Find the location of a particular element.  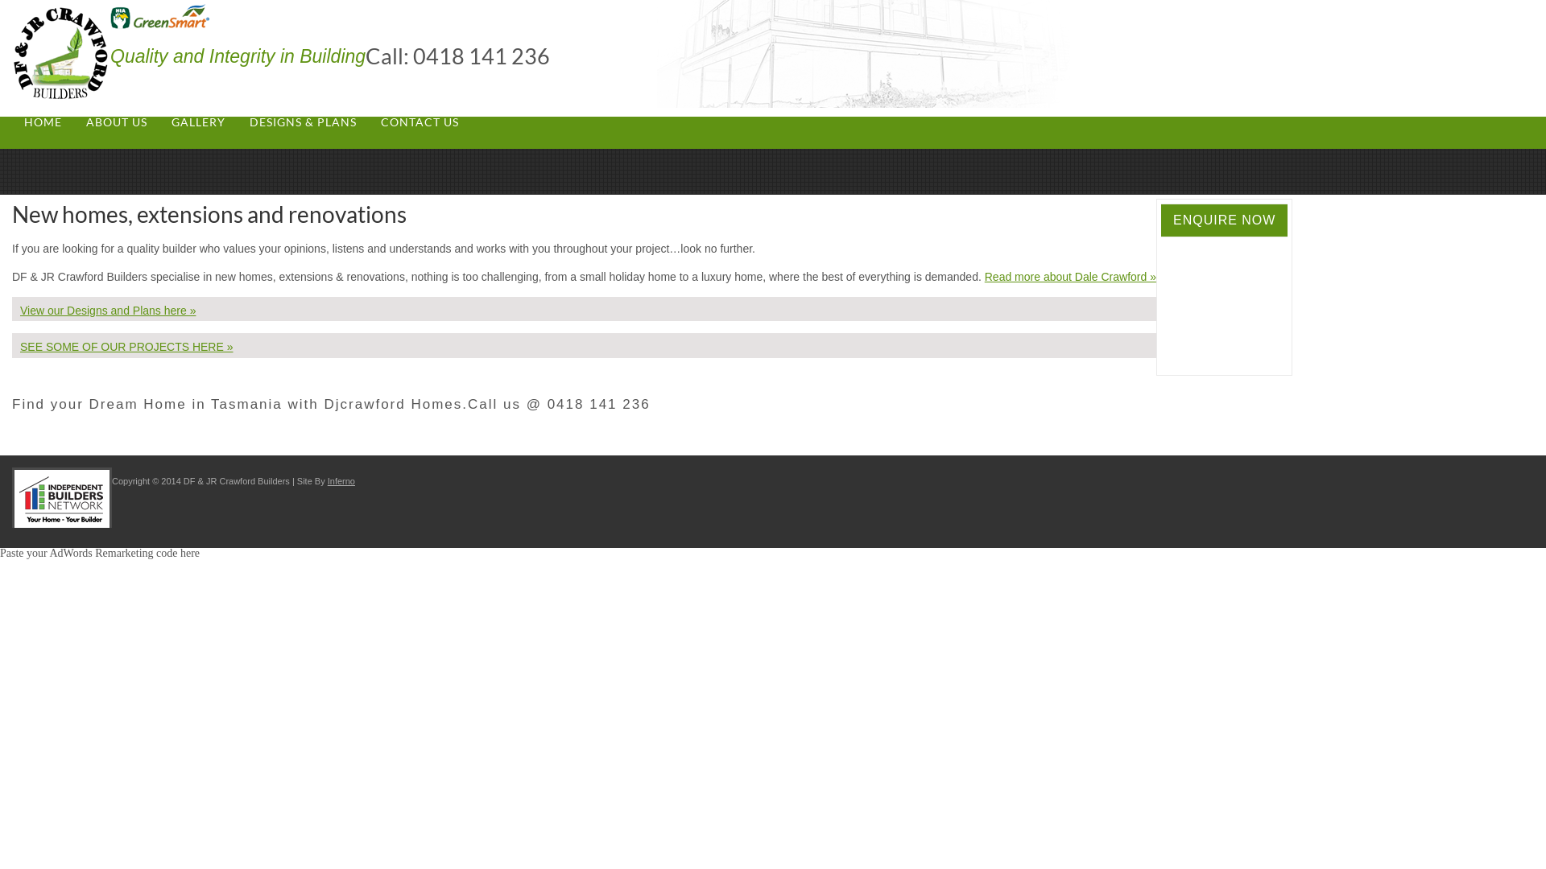

'ABOUT US' is located at coordinates (115, 121).